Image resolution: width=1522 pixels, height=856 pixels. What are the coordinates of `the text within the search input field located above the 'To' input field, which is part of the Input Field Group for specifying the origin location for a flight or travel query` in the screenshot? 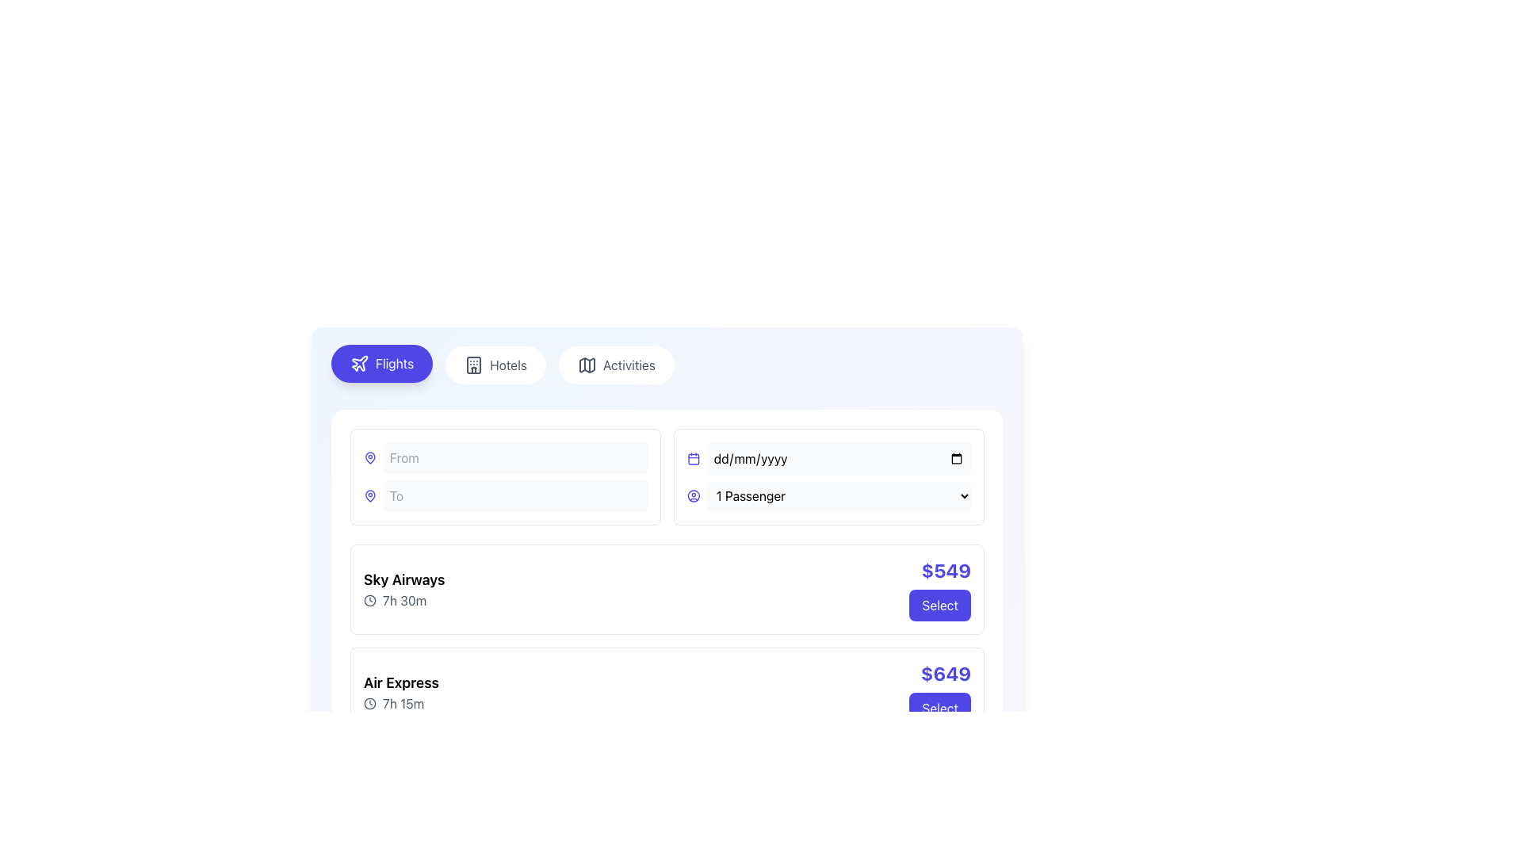 It's located at (505, 458).